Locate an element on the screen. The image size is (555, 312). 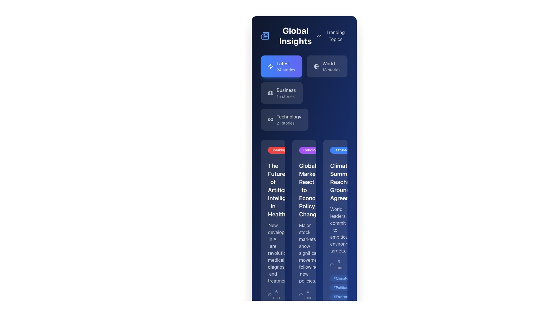
the 'Technology' button, which is the third button in the sidebar is located at coordinates (289, 119).